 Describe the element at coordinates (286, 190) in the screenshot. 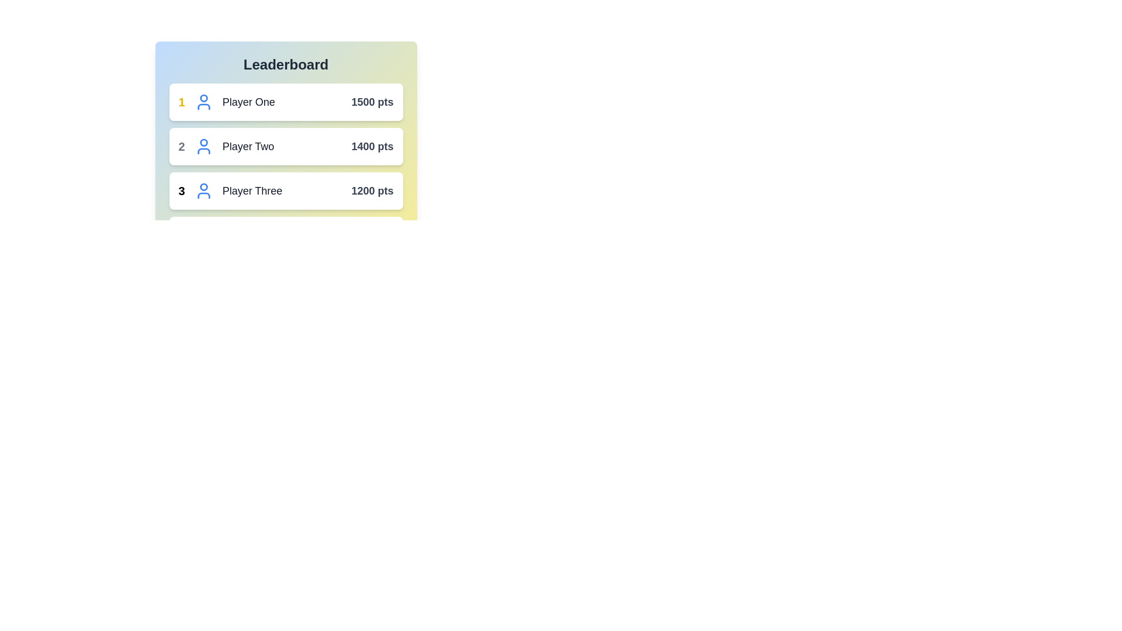

I see `the player entry for Player Three to highlight it` at that location.